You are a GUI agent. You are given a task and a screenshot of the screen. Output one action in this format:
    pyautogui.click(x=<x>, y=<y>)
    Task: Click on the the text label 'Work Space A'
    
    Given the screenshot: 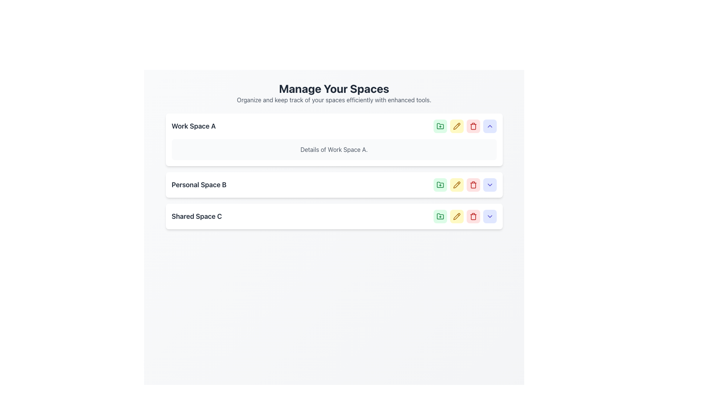 What is the action you would take?
    pyautogui.click(x=194, y=126)
    